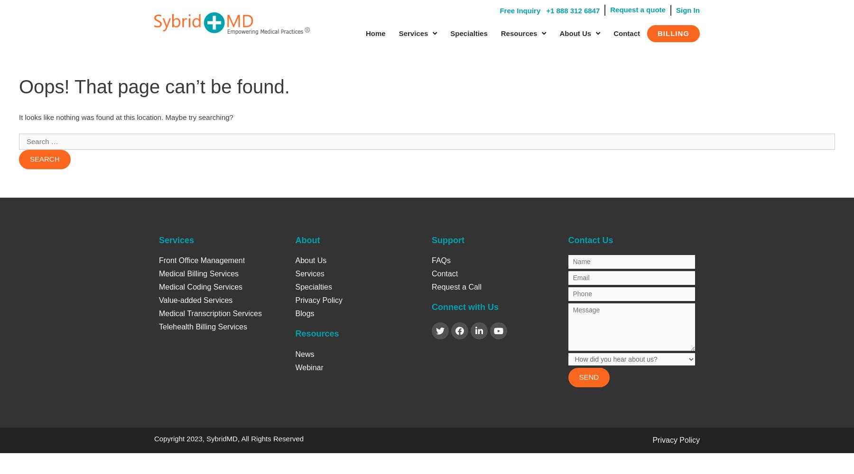 Image resolution: width=854 pixels, height=474 pixels. Describe the element at coordinates (309, 367) in the screenshot. I see `'Webinar'` at that location.